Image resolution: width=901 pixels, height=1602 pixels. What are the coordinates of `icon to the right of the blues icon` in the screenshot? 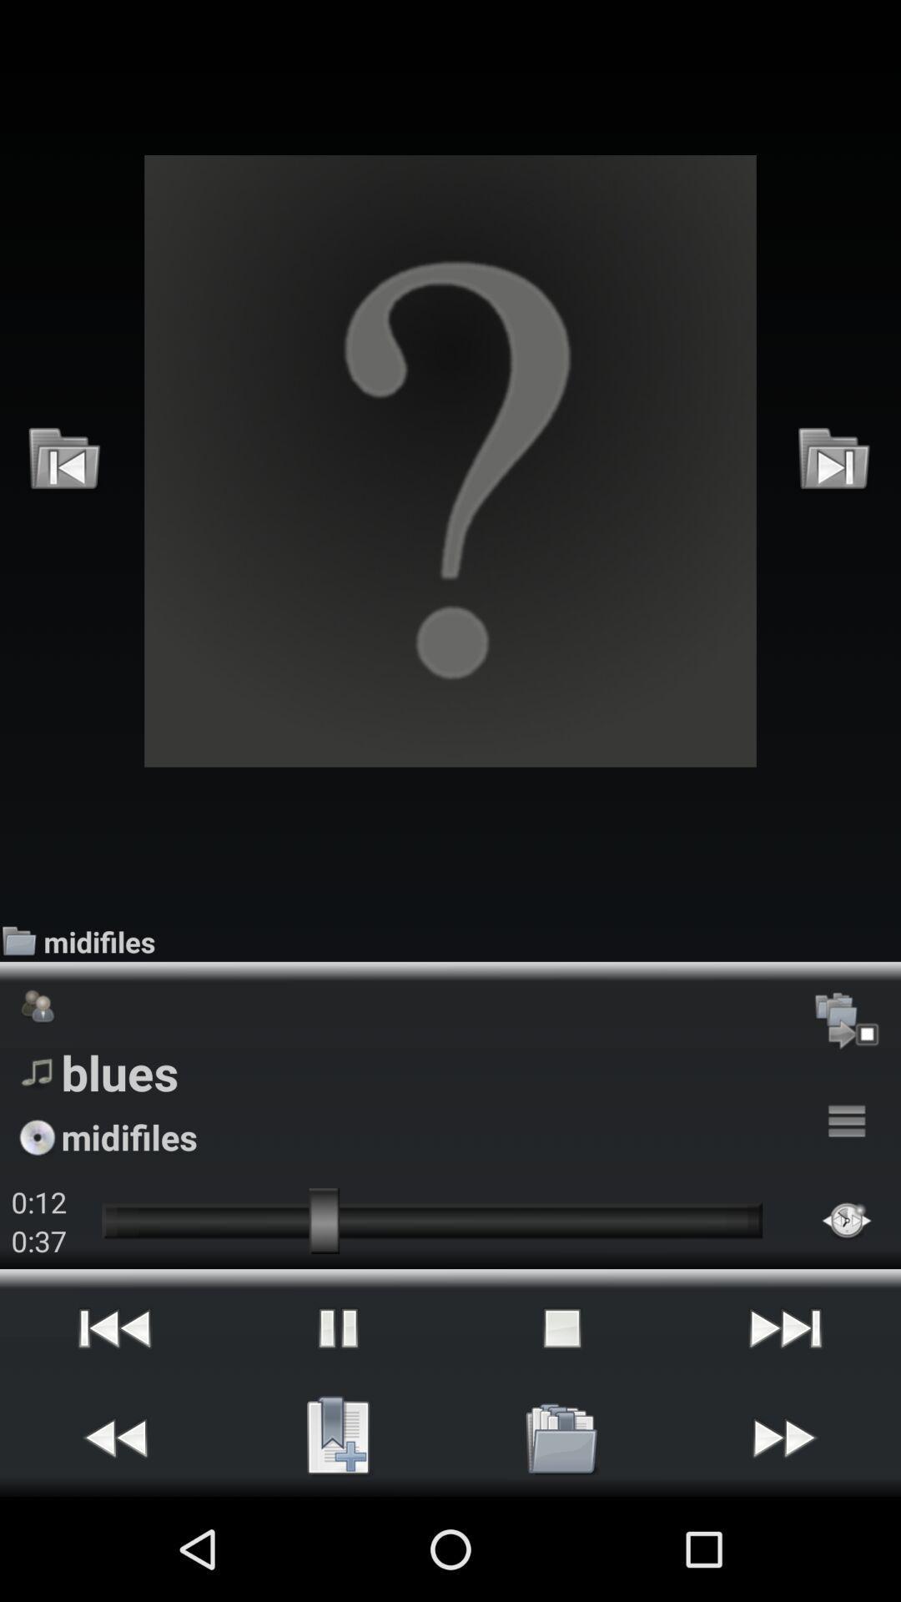 It's located at (847, 1121).